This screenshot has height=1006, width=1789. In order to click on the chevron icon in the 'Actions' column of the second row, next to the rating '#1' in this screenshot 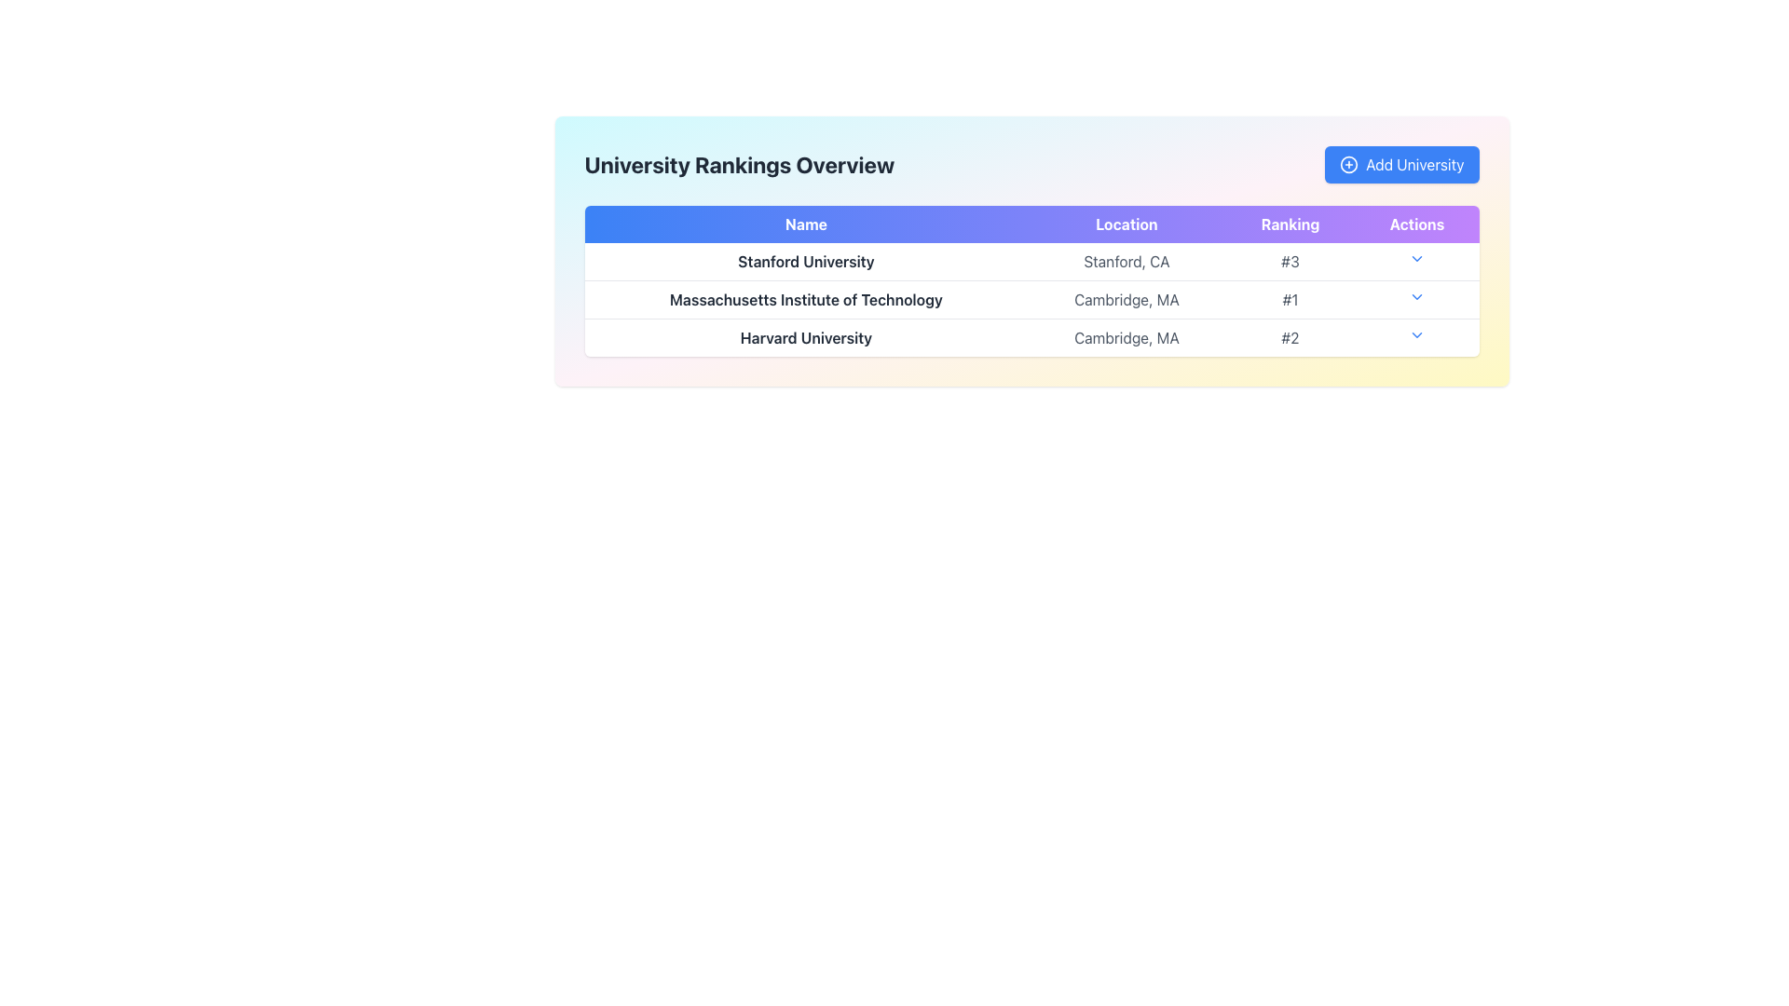, I will do `click(1416, 298)`.